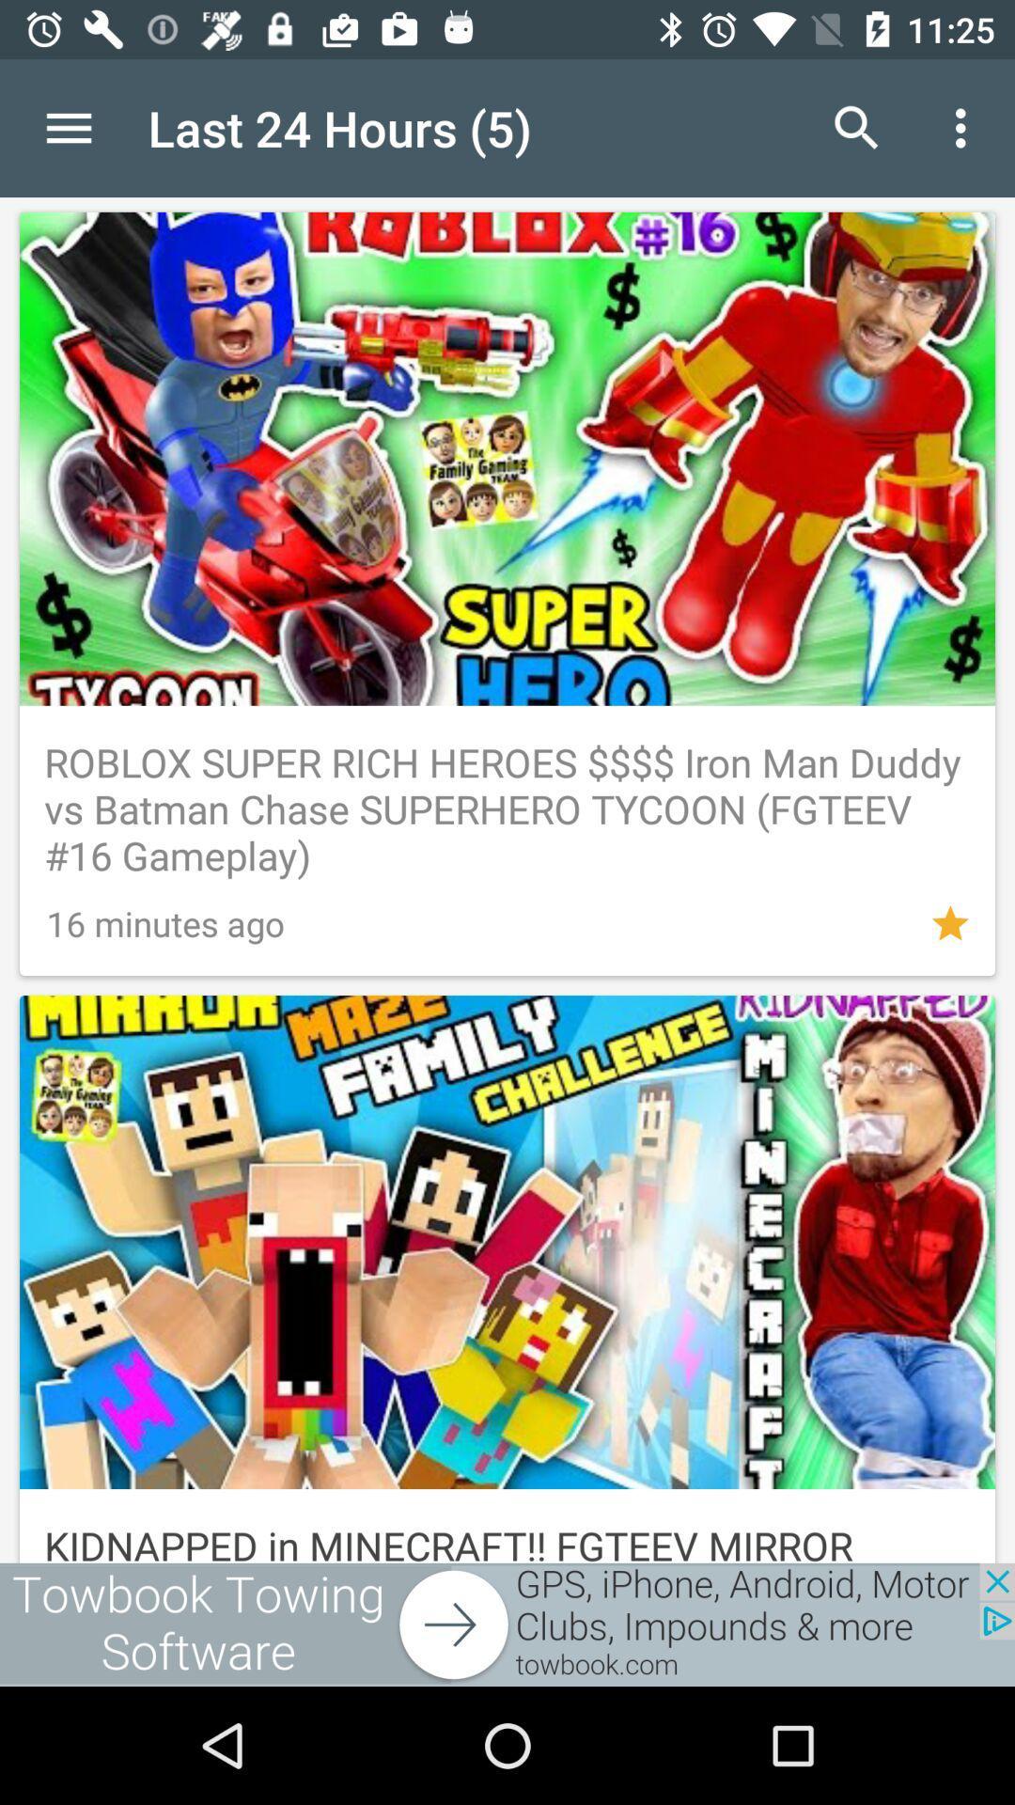 This screenshot has height=1805, width=1015. What do you see at coordinates (507, 1624) in the screenshot?
I see `advertisements website` at bounding box center [507, 1624].